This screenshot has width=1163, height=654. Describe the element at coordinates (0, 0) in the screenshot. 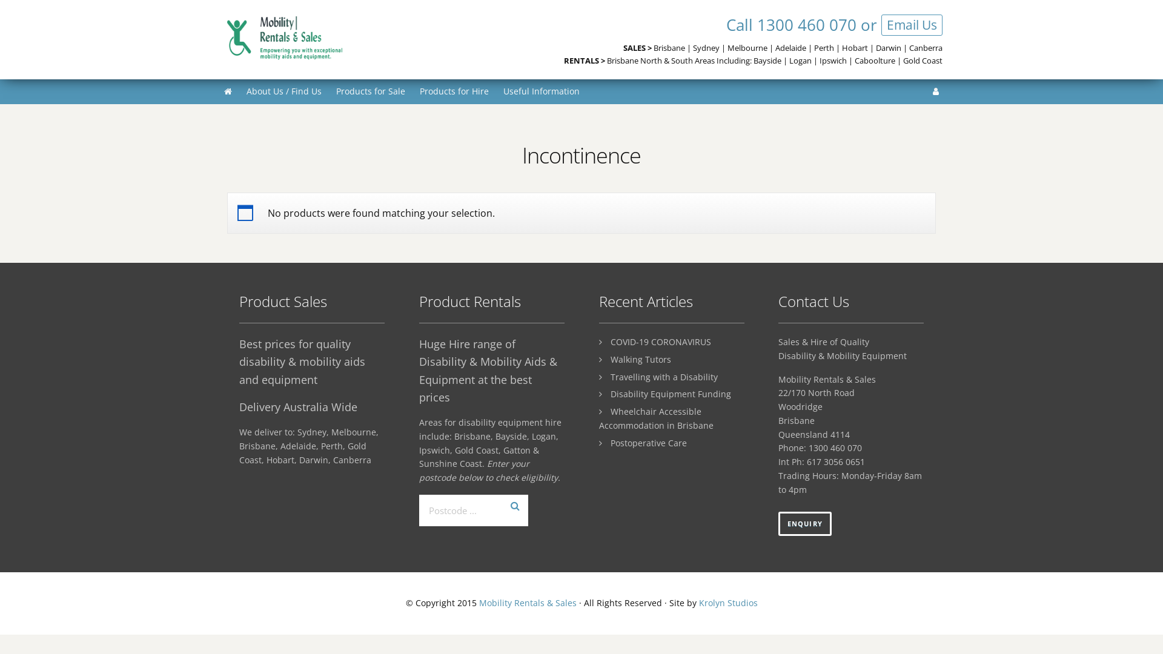

I see `'Skip to main content'` at that location.